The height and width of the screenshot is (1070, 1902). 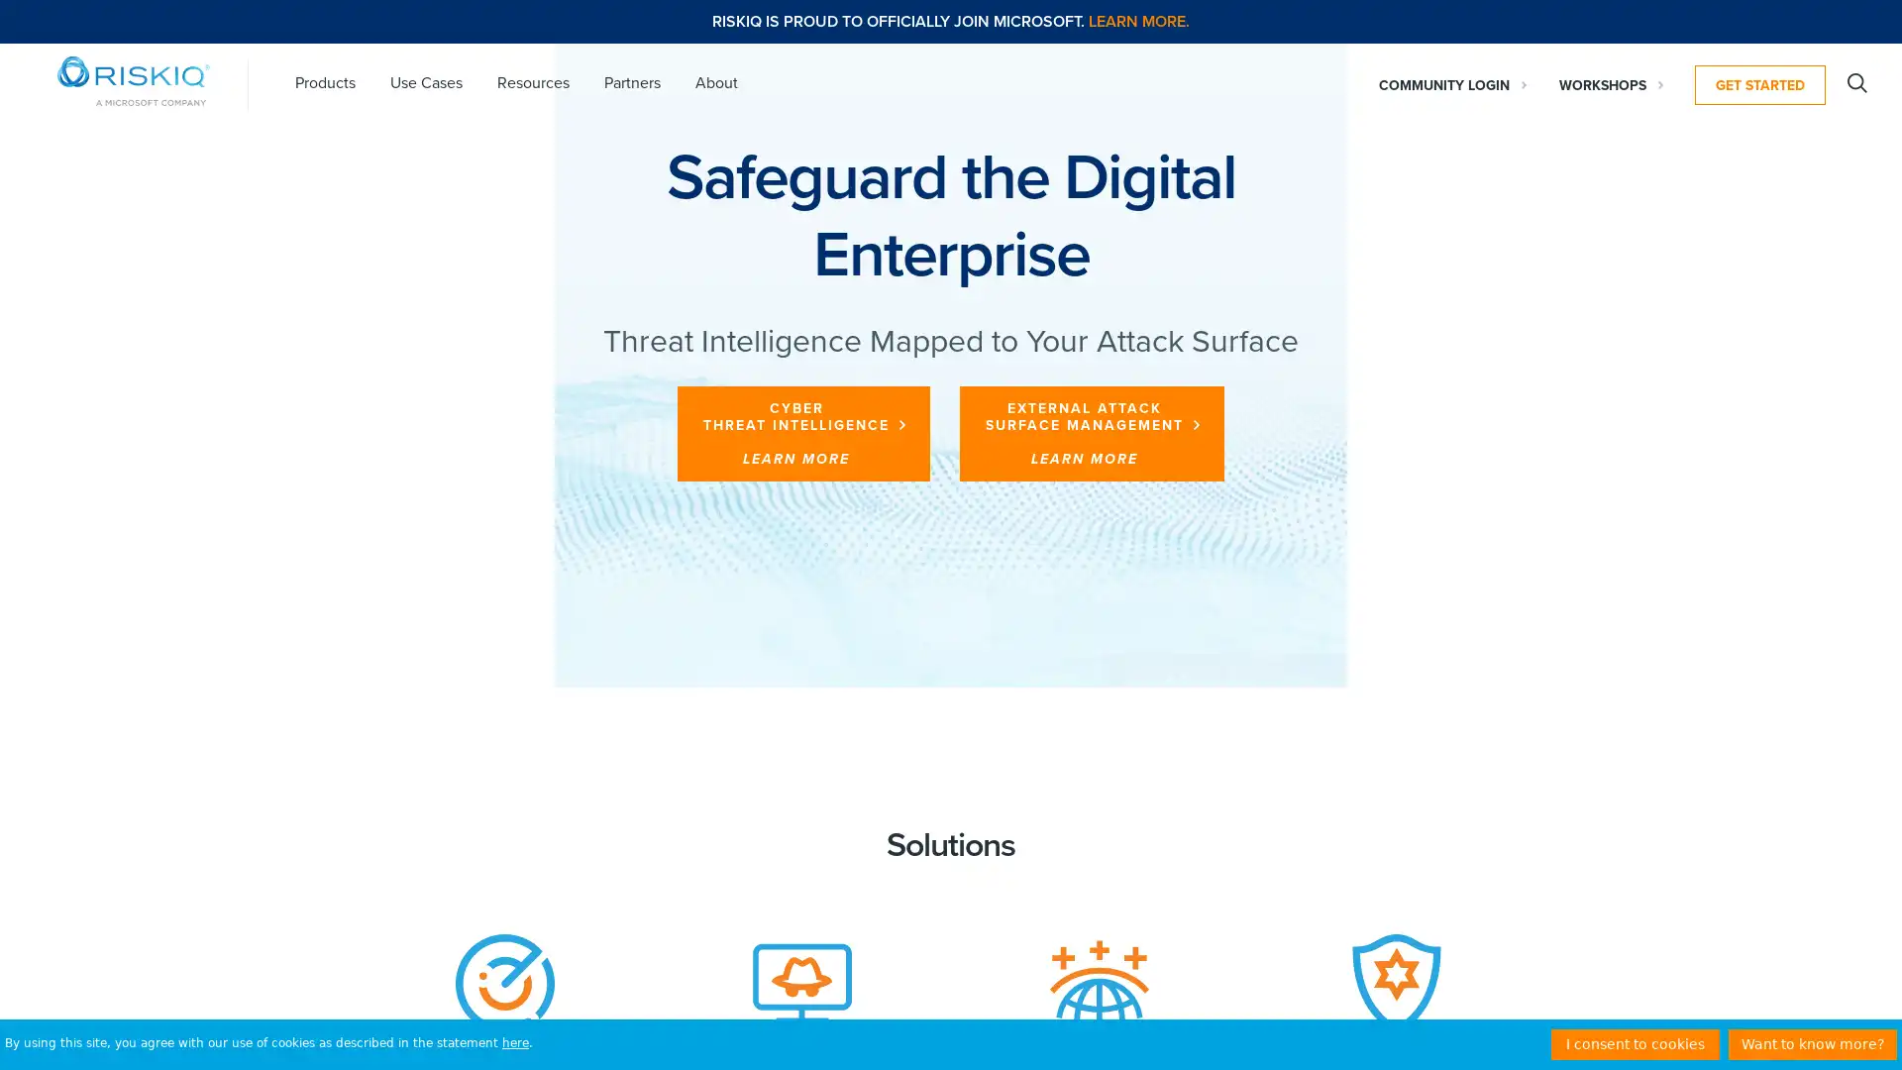 I want to click on Open Intercom Messenger, so click(x=1851, y=1019).